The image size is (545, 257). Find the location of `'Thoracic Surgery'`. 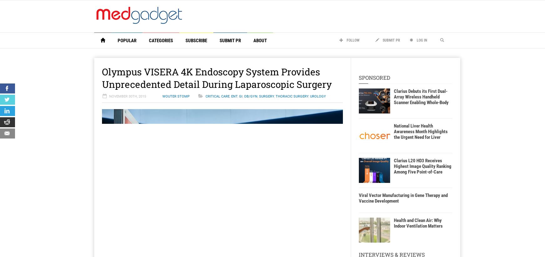

'Thoracic Surgery' is located at coordinates (292, 96).